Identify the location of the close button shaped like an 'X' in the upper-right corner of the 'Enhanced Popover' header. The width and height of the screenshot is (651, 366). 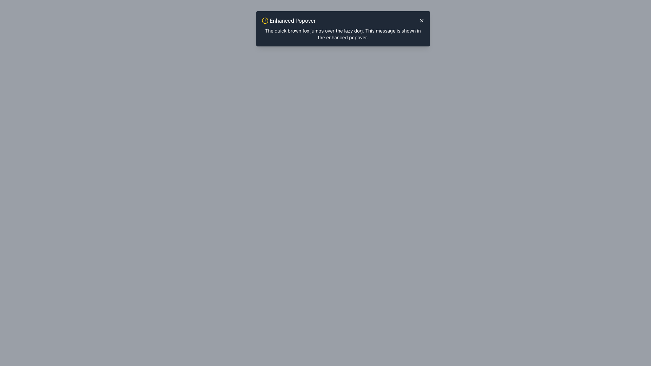
(421, 20).